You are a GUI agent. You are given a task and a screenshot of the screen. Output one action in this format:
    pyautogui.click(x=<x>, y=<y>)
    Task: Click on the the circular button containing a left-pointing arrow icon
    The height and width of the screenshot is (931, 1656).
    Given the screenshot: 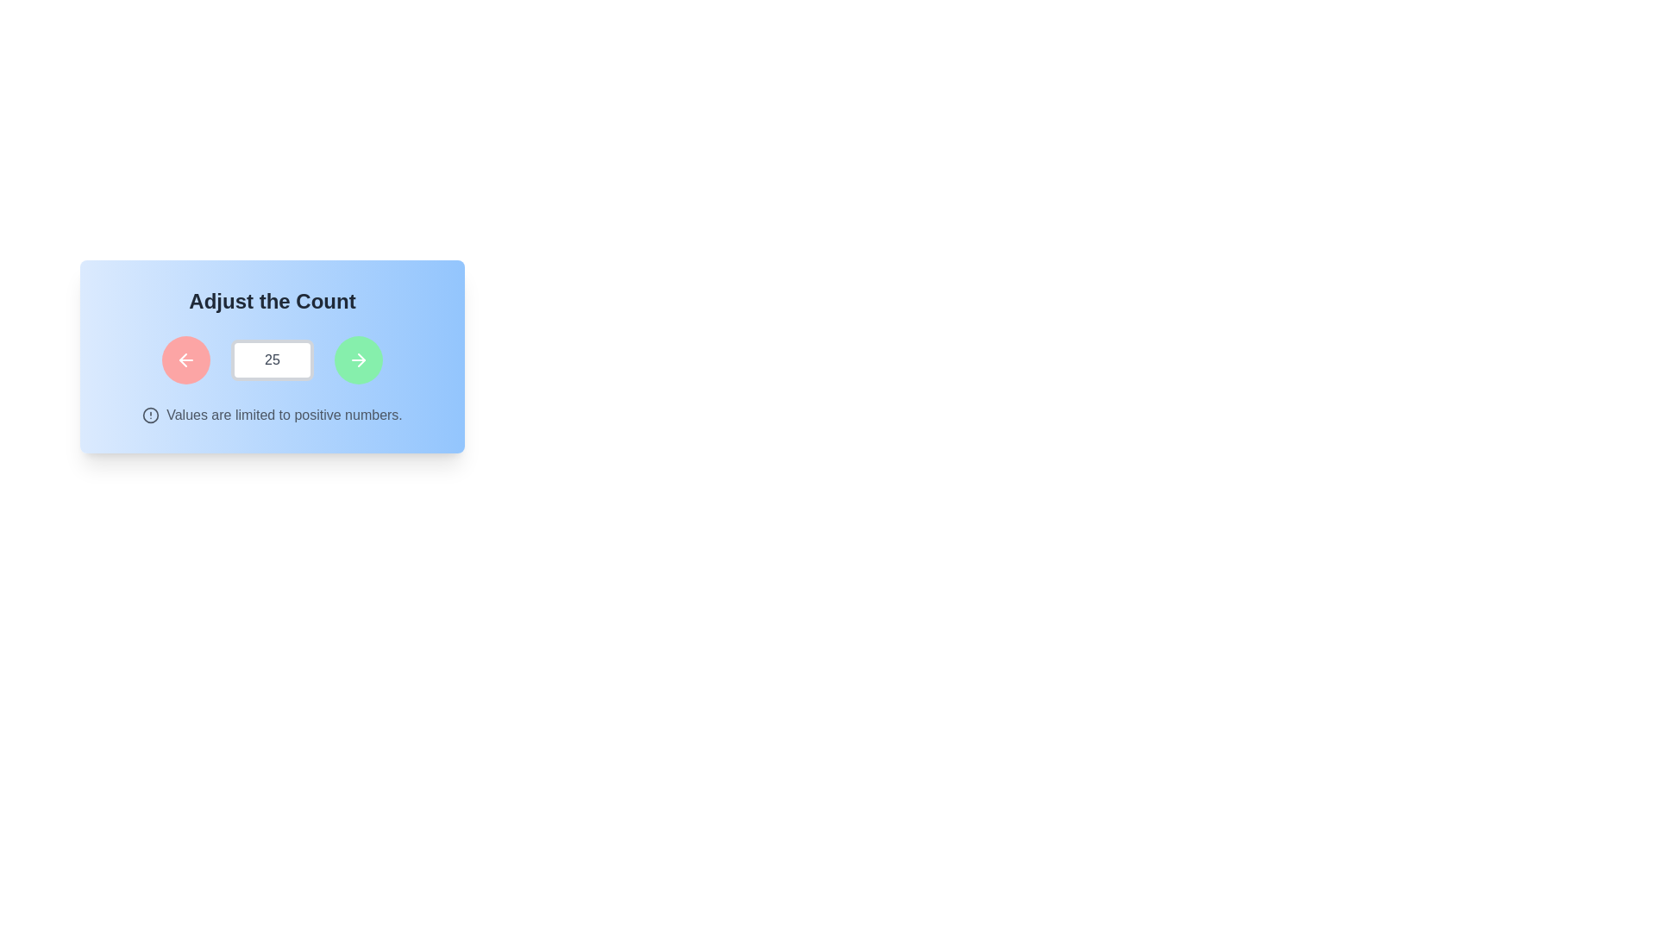 What is the action you would take?
    pyautogui.click(x=186, y=359)
    